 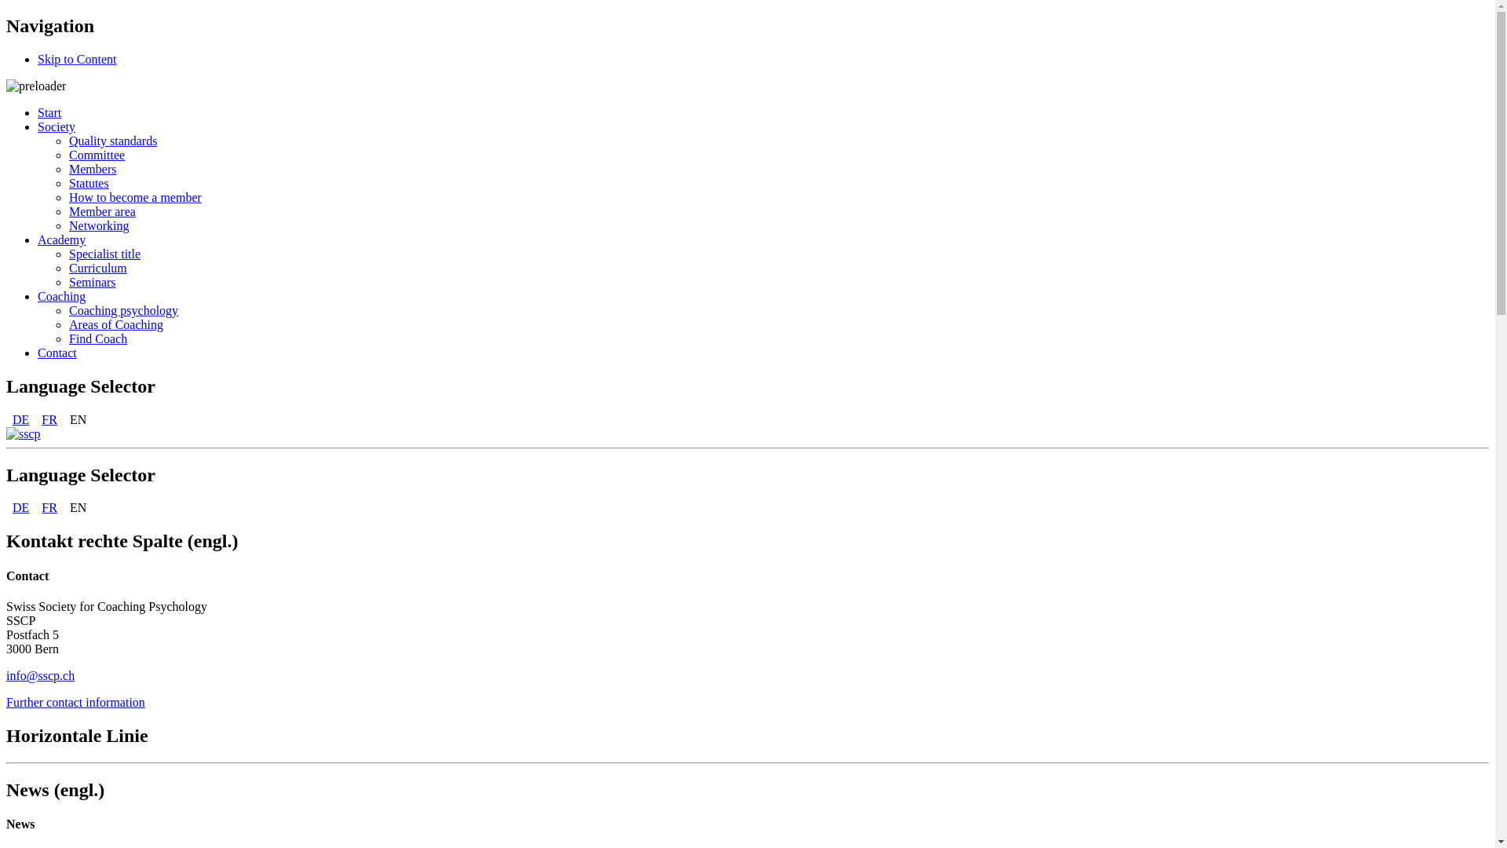 I want to click on 'Find Coach', so click(x=97, y=338).